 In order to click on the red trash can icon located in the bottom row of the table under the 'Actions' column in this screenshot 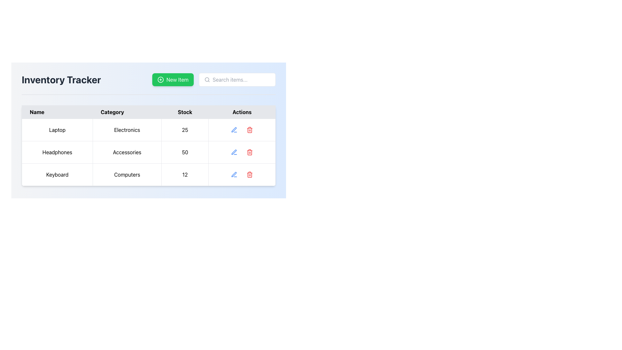, I will do `click(249, 174)`.